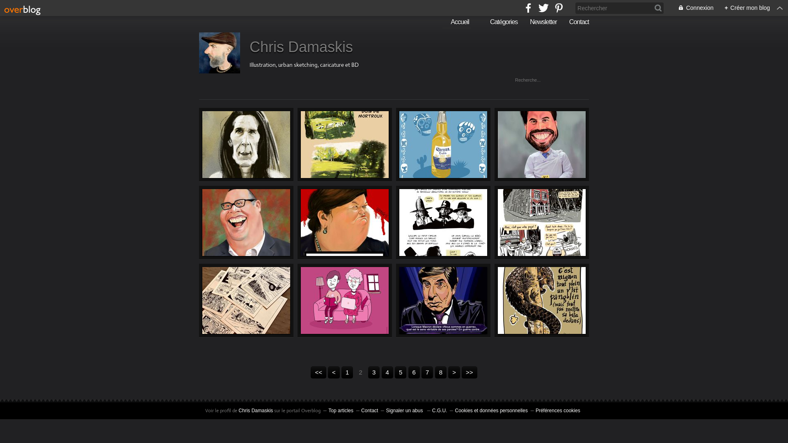  What do you see at coordinates (368, 372) in the screenshot?
I see `'3'` at bounding box center [368, 372].